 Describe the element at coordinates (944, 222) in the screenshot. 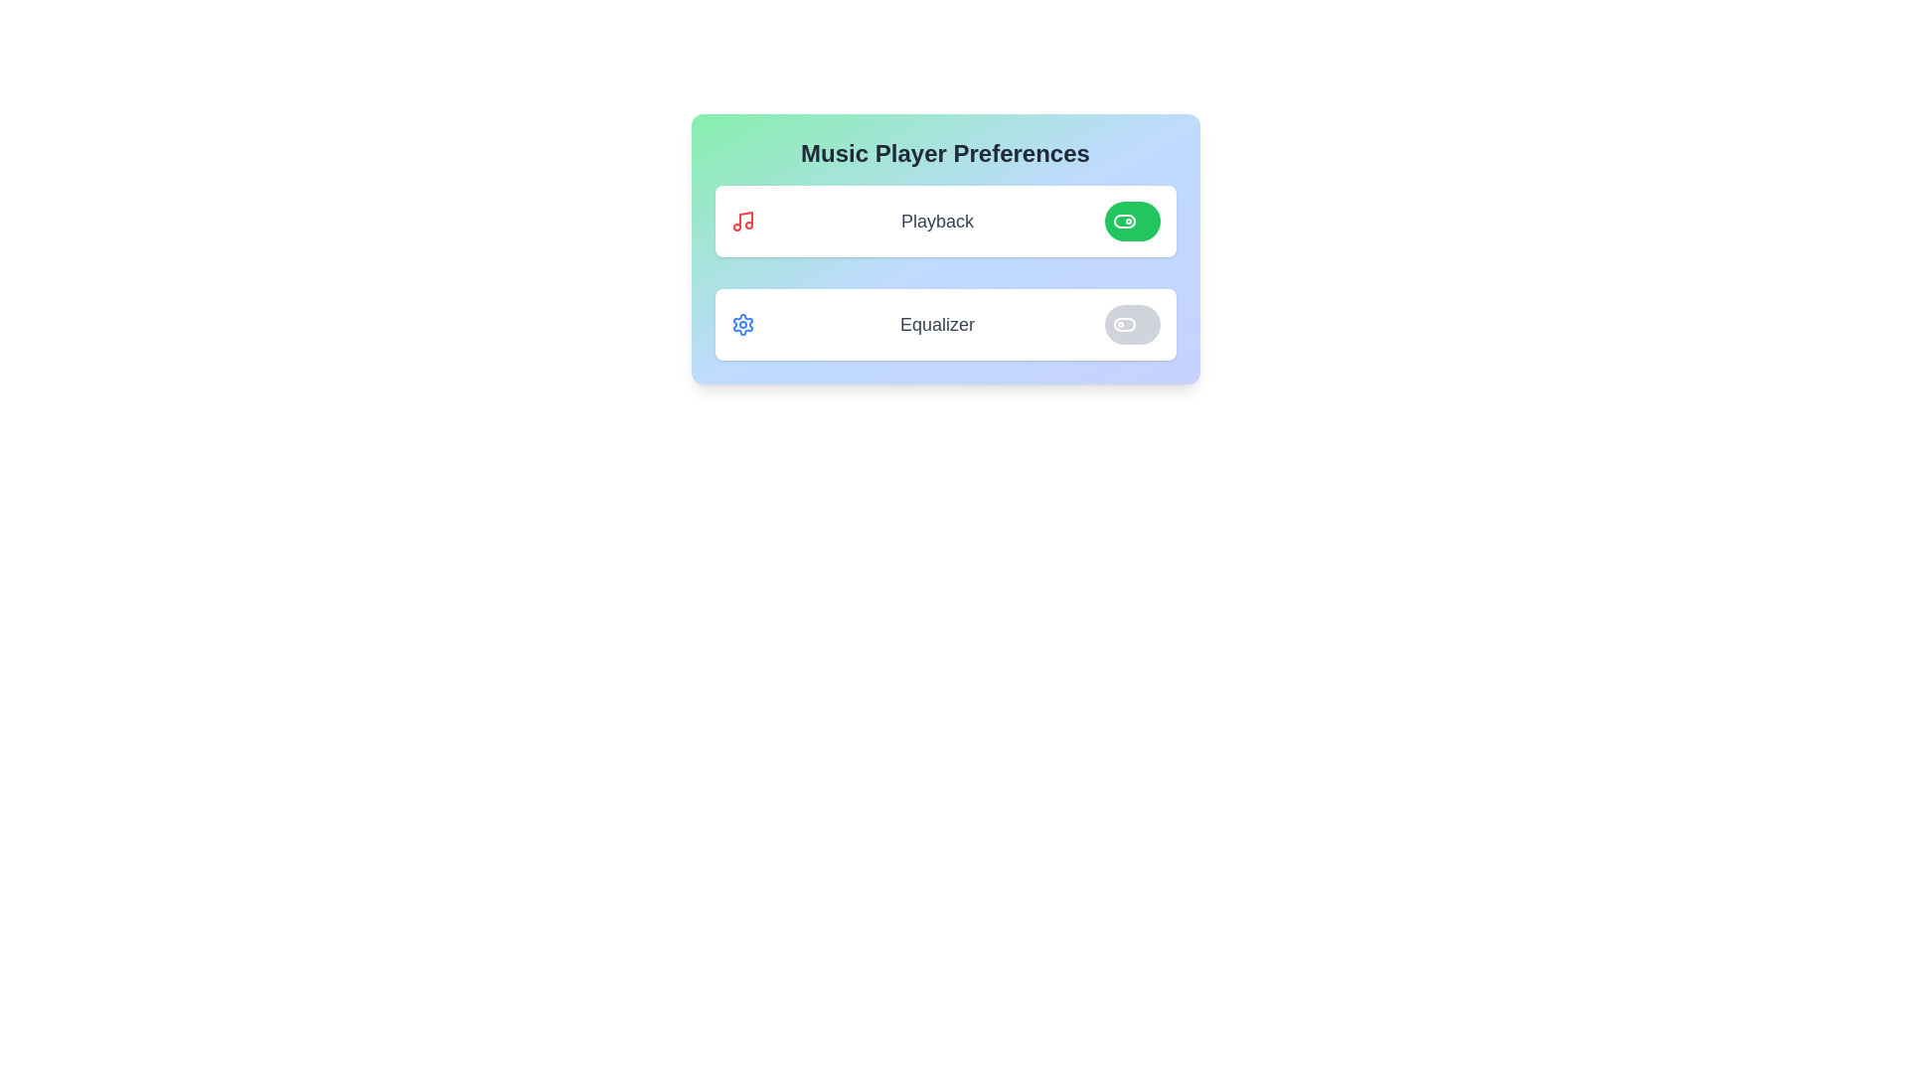

I see `the 'Playback' UI component in the 'Music Player Preferences' panel` at that location.